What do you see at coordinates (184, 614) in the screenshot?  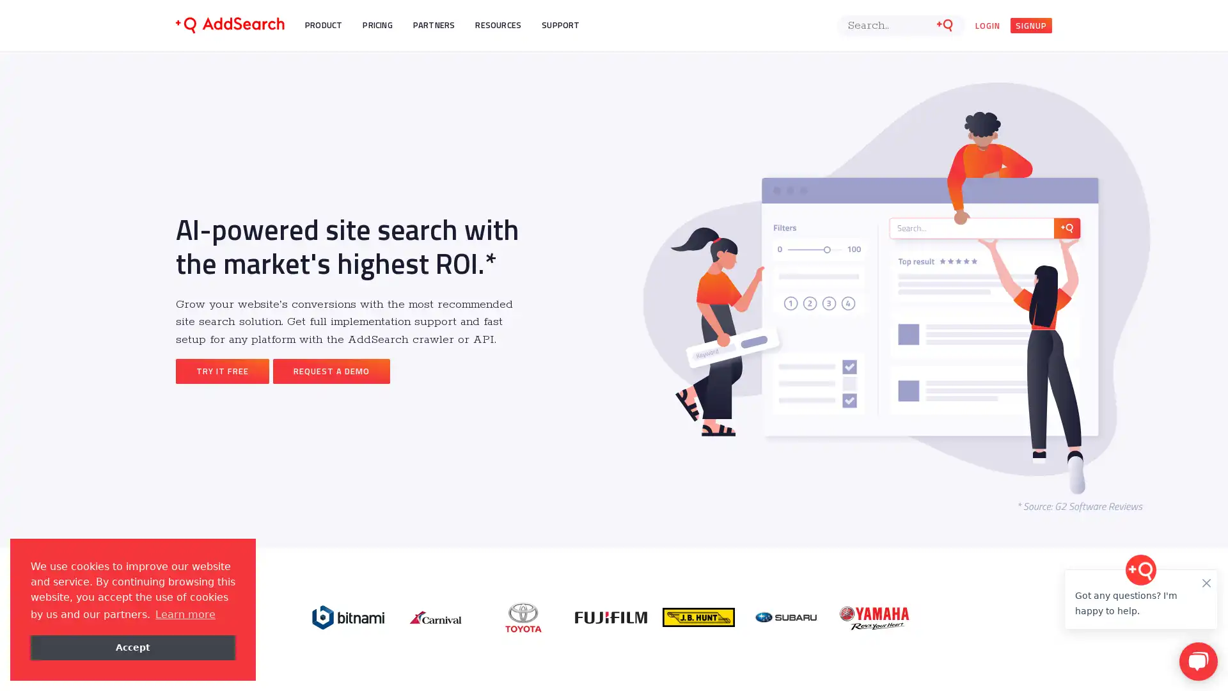 I see `learn more about cookies` at bounding box center [184, 614].